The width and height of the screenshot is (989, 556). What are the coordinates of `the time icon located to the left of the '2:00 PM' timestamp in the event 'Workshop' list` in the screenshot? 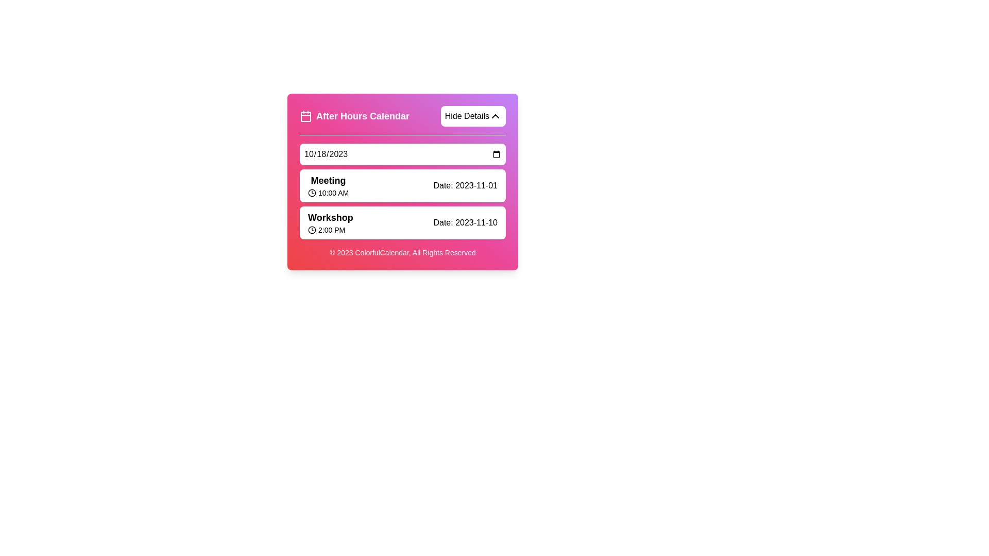 It's located at (311, 230).